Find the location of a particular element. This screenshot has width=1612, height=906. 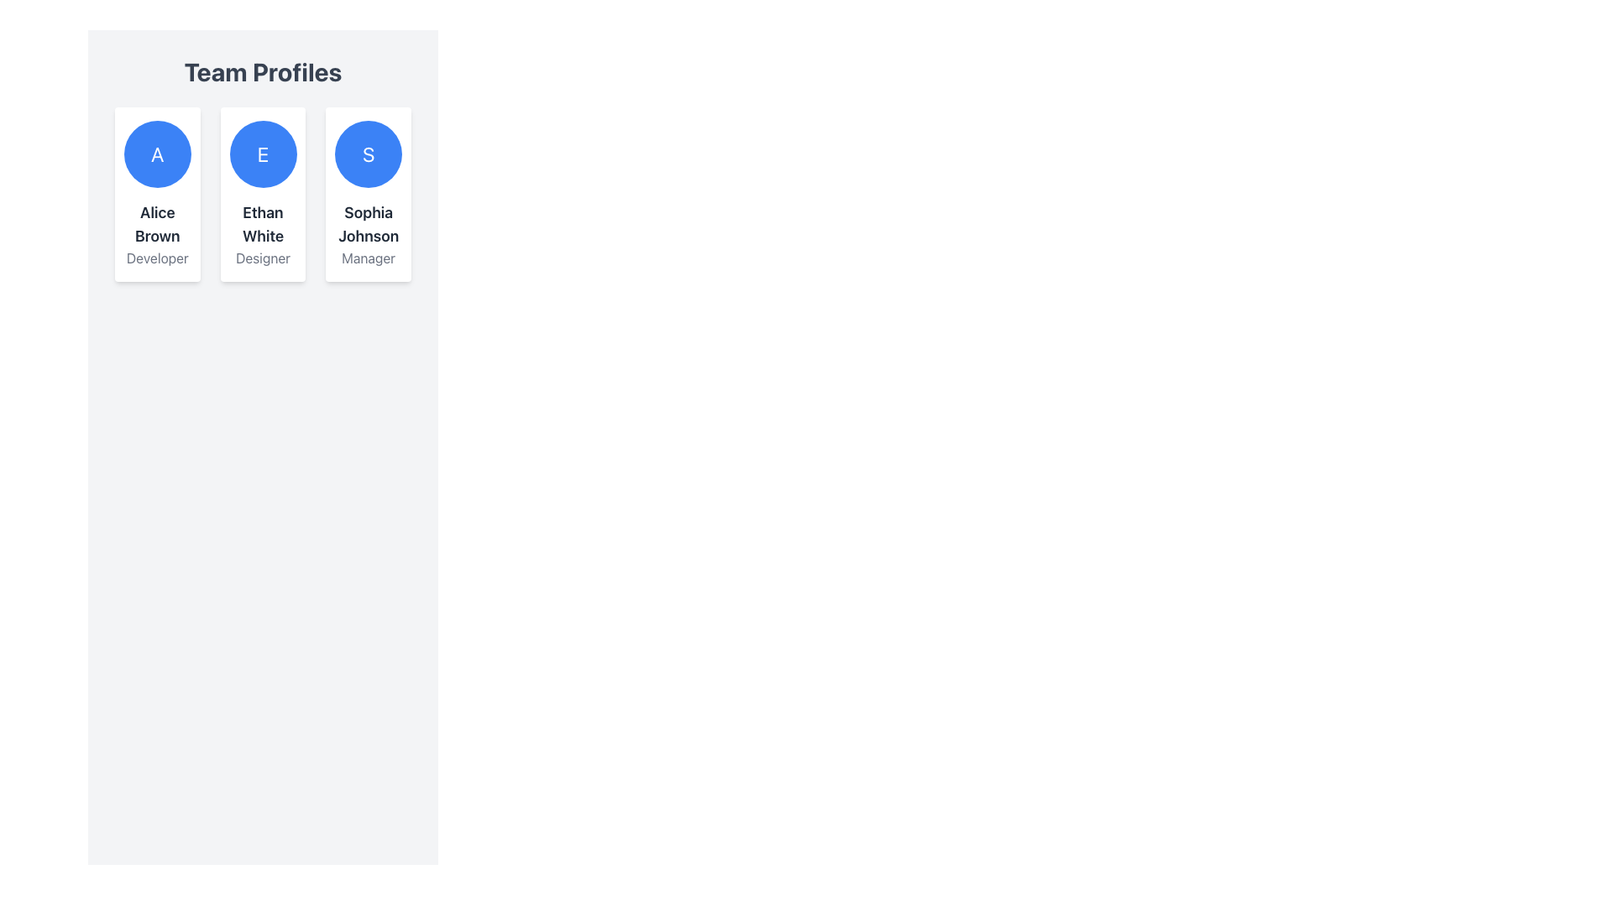

text from the header element that displays 'Team Profiles', which is styled prominently in bold with a large size and dark gray color against a light gray background is located at coordinates (262, 70).